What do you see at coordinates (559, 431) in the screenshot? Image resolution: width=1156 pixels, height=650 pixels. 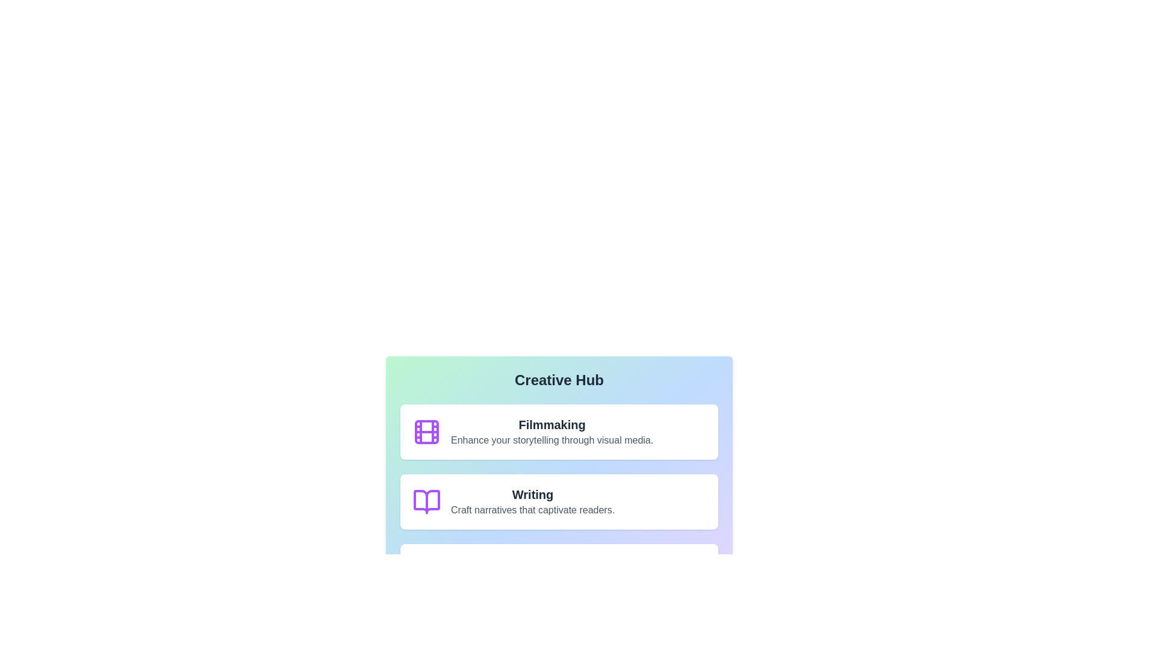 I see `the list item corresponding to Filmmaking` at bounding box center [559, 431].